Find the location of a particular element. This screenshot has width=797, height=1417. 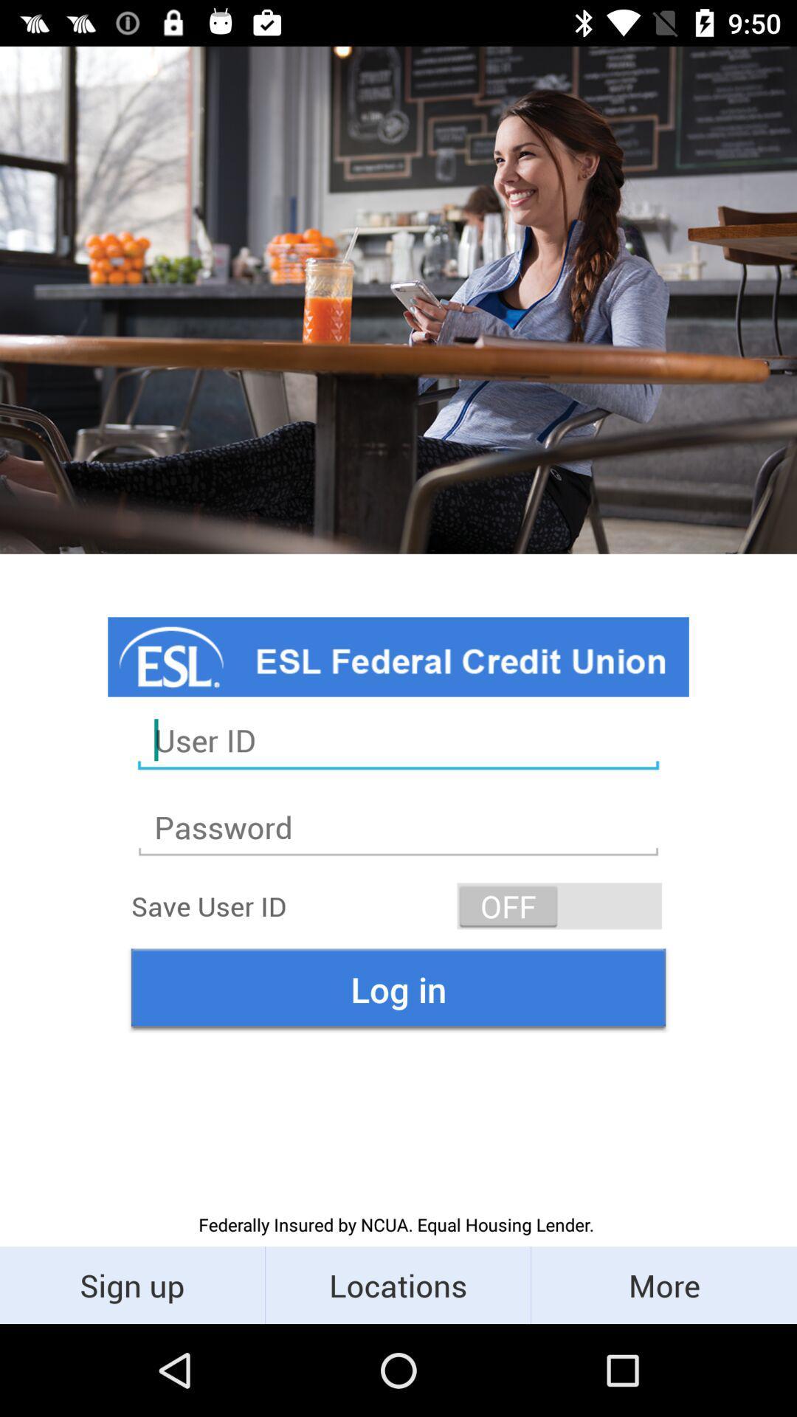

1st blue color tab below the image is located at coordinates (398, 655).